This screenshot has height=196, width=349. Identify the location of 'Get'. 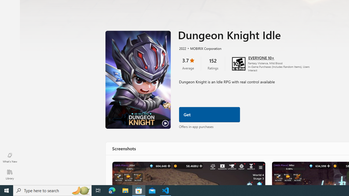
(209, 114).